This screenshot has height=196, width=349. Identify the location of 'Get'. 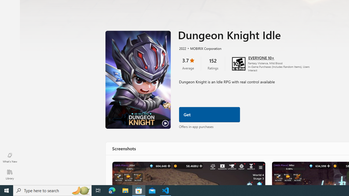
(209, 114).